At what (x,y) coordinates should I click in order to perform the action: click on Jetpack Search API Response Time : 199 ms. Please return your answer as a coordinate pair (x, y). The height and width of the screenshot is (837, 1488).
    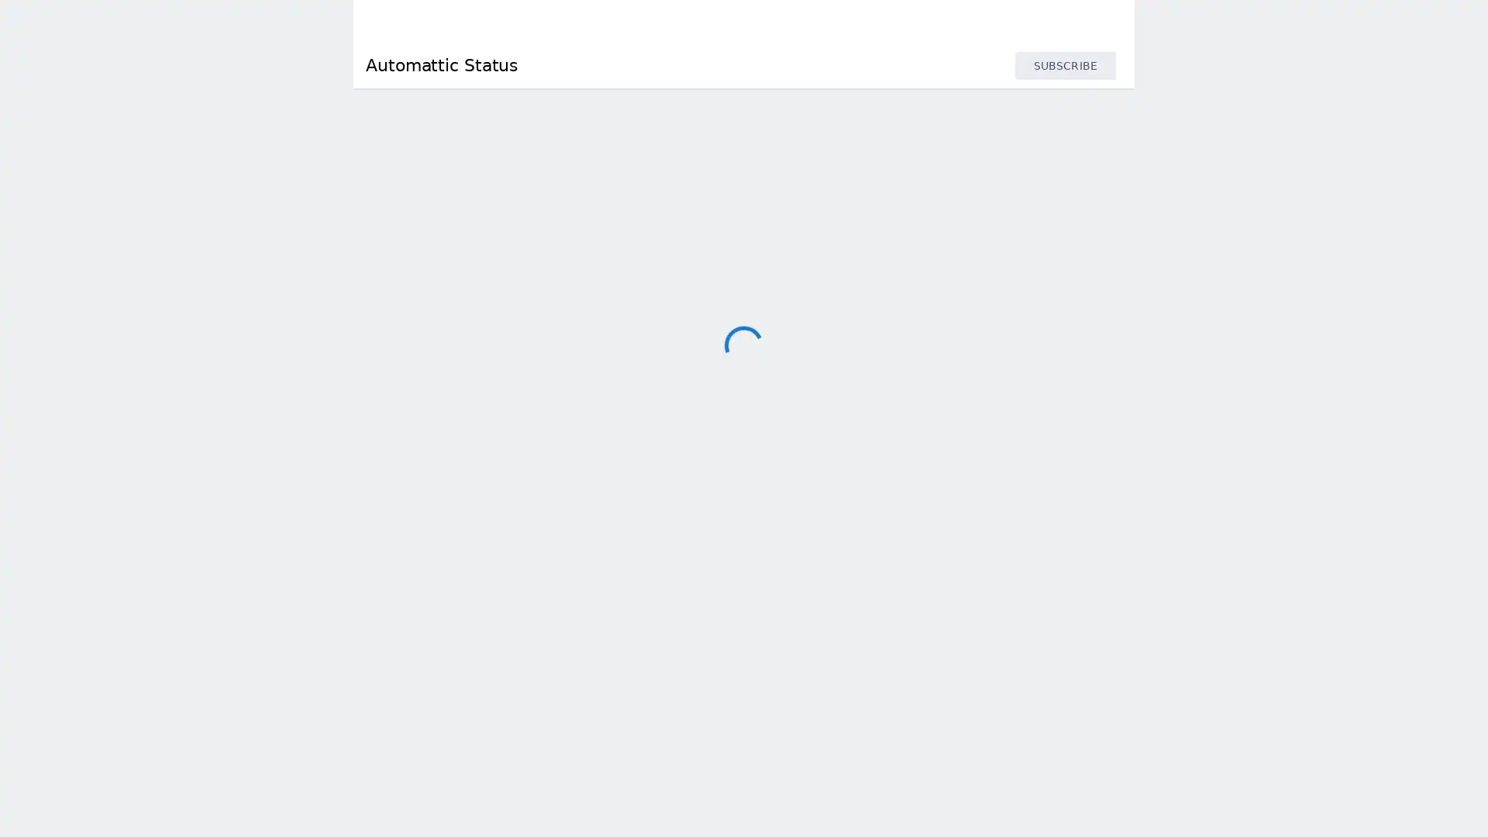
    Looking at the image, I should click on (649, 570).